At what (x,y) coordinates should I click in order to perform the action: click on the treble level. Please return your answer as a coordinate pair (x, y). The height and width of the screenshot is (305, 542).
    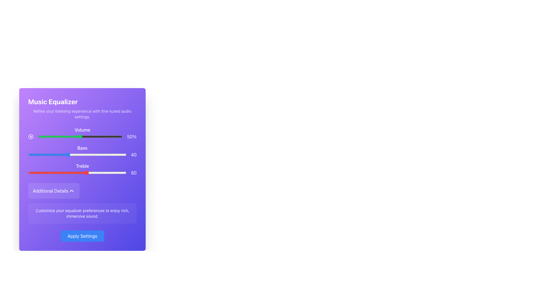
    Looking at the image, I should click on (88, 173).